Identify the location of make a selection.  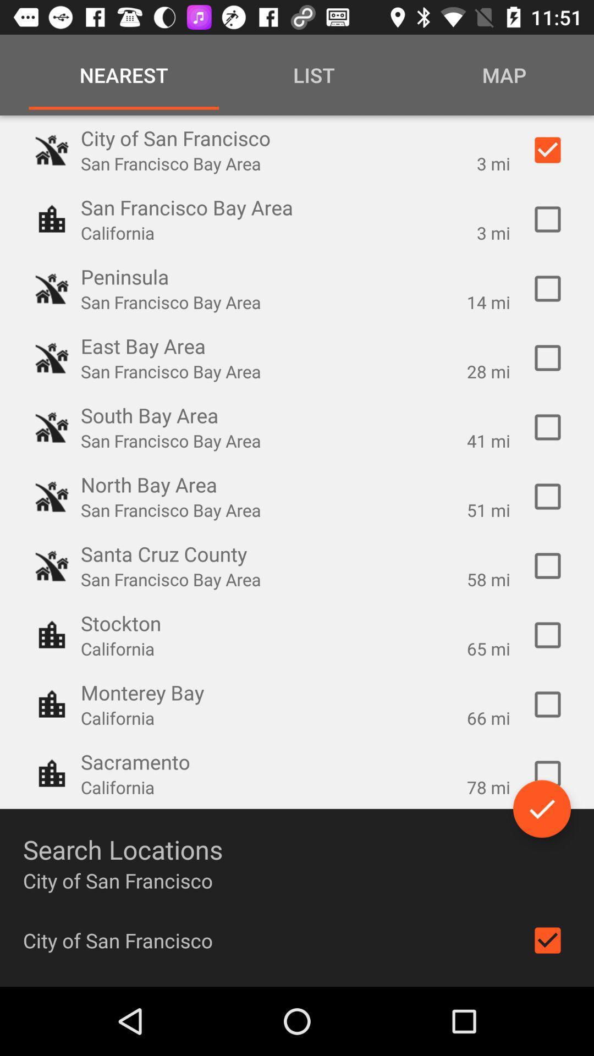
(547, 565).